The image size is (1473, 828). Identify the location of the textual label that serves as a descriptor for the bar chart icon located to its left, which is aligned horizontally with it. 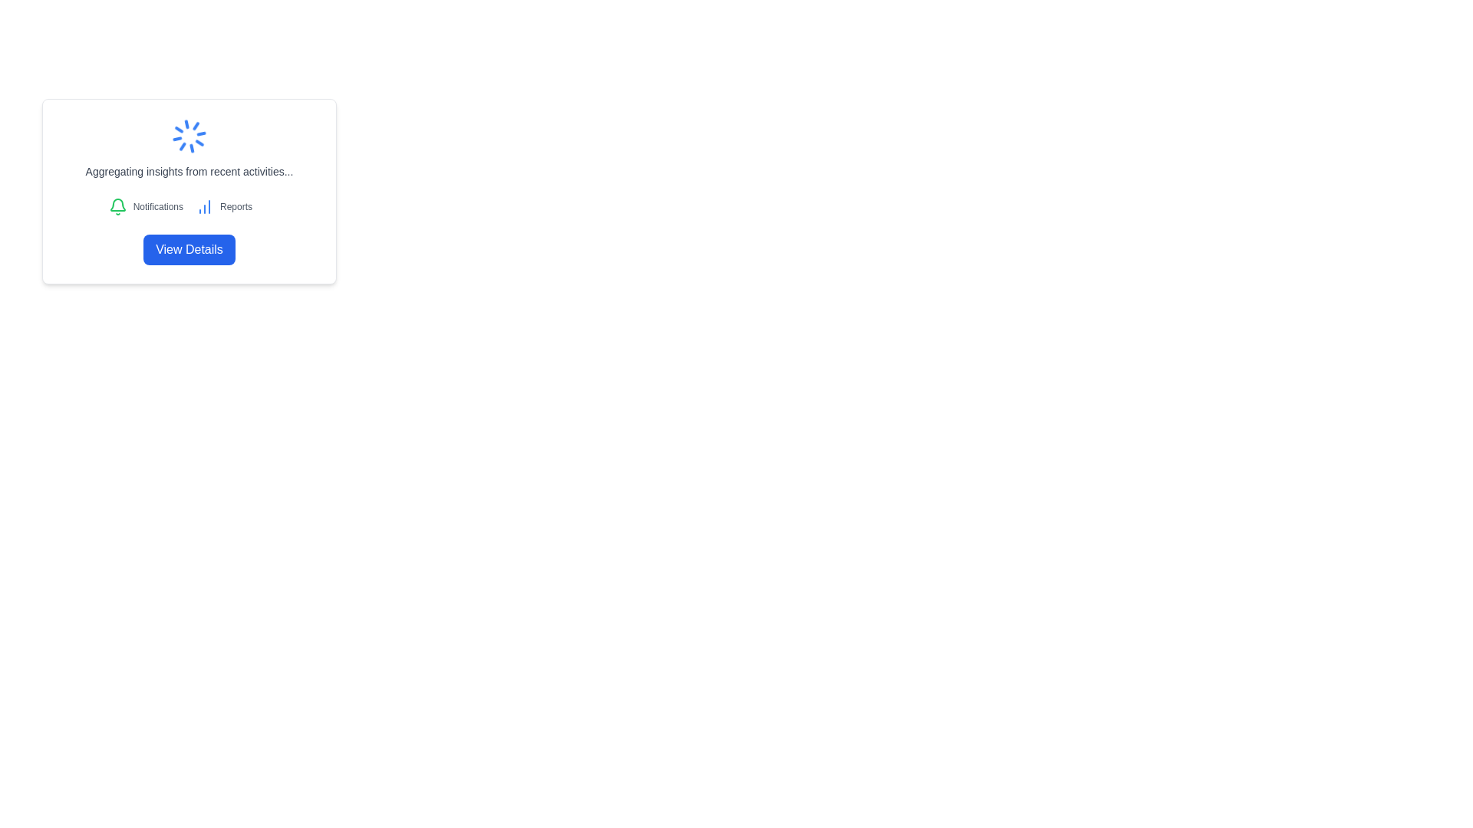
(235, 207).